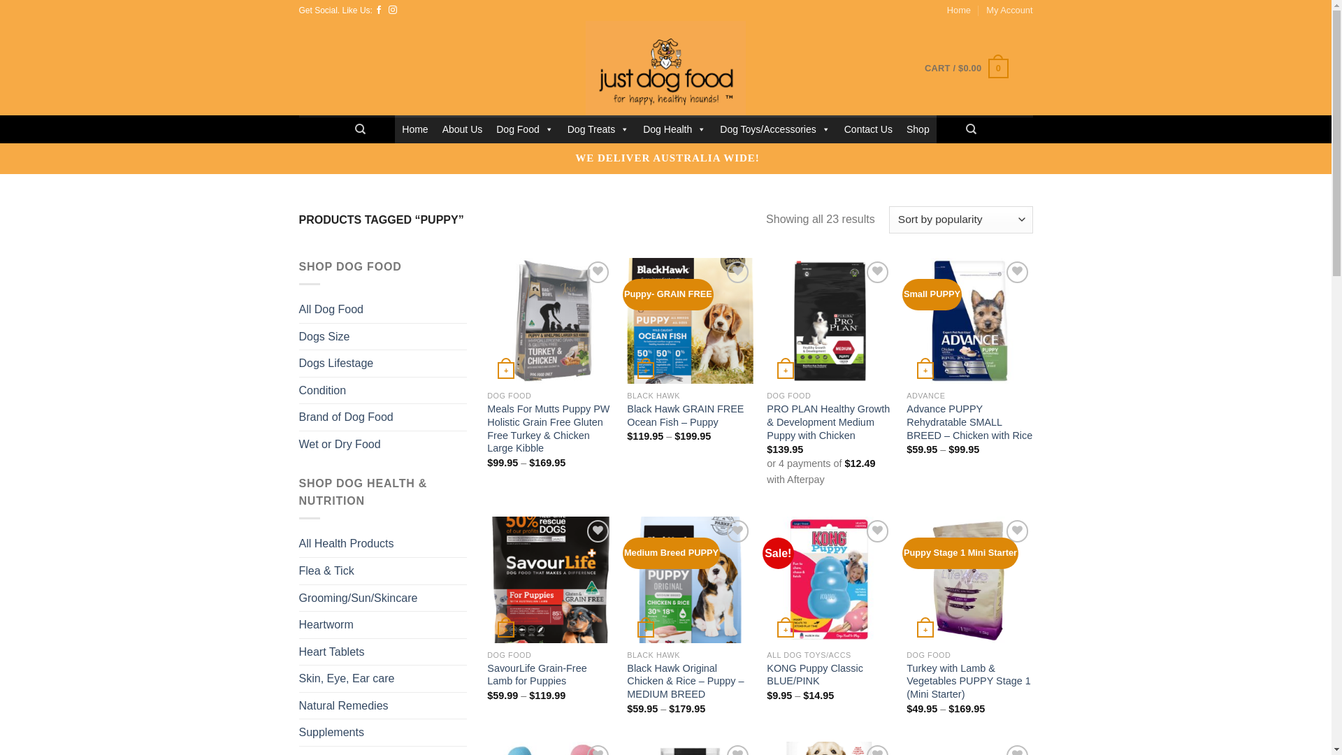 This screenshot has width=1342, height=755. I want to click on 'All Health Products', so click(346, 543).